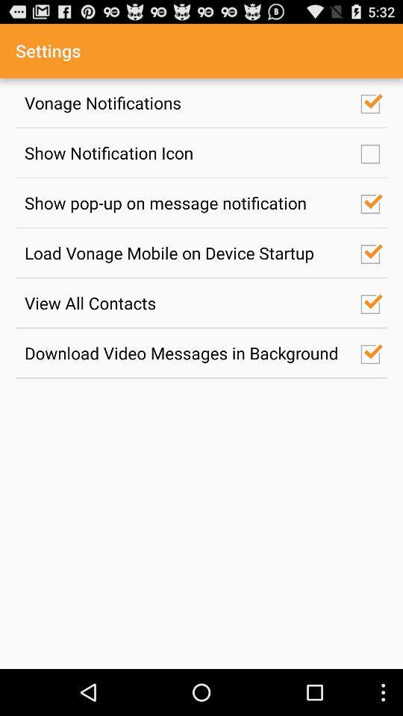 The width and height of the screenshot is (403, 716). What do you see at coordinates (184, 101) in the screenshot?
I see `the item above the show notification icon item` at bounding box center [184, 101].